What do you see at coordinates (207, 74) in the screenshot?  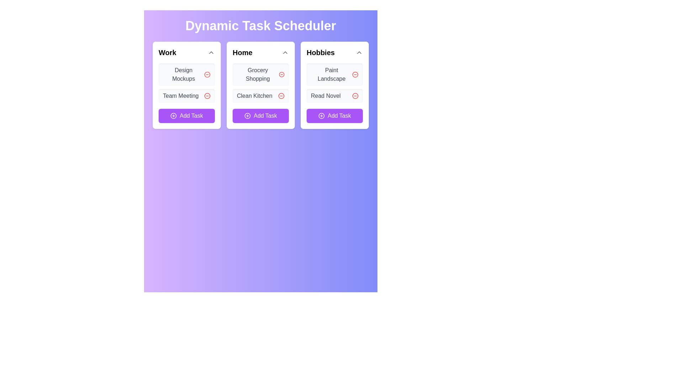 I see `the circular red icon for deleting the associated task located in the top-left card labeled 'Work', next to the text 'Design Mockups'` at bounding box center [207, 74].